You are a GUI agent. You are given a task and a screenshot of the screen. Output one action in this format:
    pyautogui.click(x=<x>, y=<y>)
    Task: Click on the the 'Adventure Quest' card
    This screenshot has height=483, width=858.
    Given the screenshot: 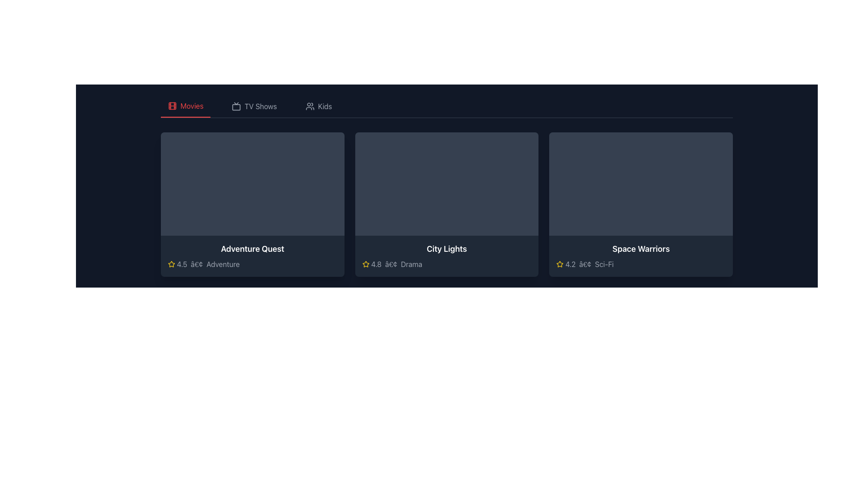 What is the action you would take?
    pyautogui.click(x=252, y=204)
    